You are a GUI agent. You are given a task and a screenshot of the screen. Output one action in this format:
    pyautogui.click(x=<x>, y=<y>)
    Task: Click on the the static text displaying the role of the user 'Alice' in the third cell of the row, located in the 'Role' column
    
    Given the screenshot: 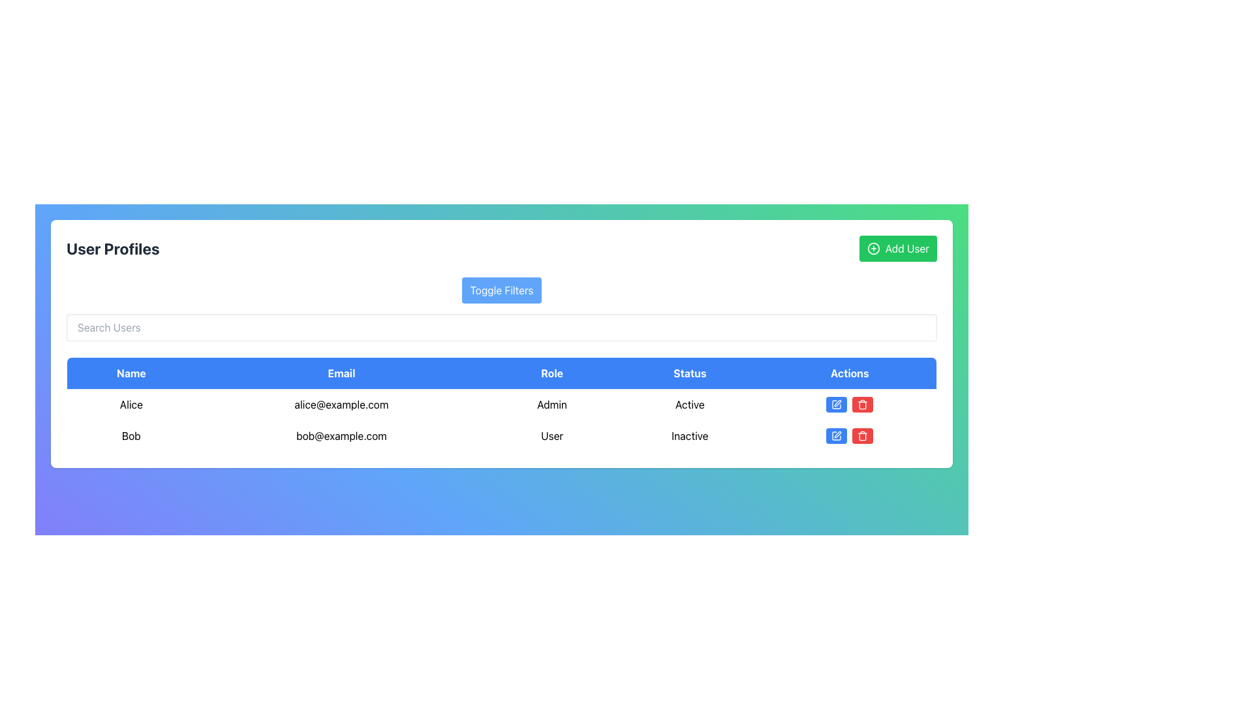 What is the action you would take?
    pyautogui.click(x=552, y=404)
    